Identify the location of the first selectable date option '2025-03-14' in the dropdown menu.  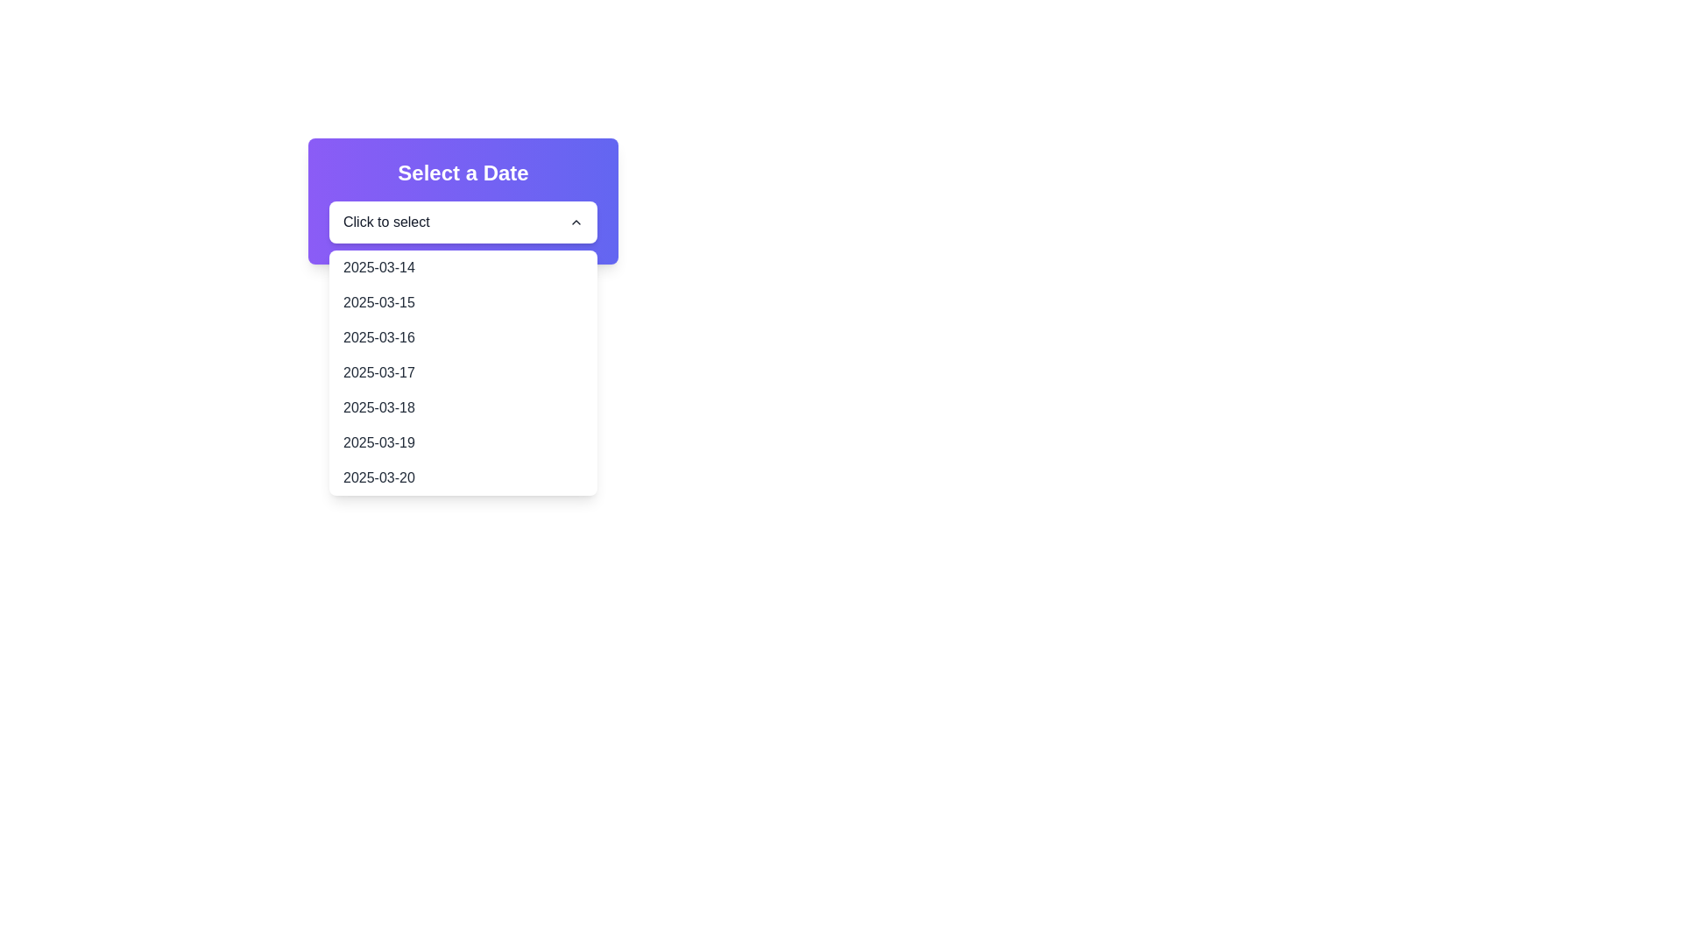
(378, 267).